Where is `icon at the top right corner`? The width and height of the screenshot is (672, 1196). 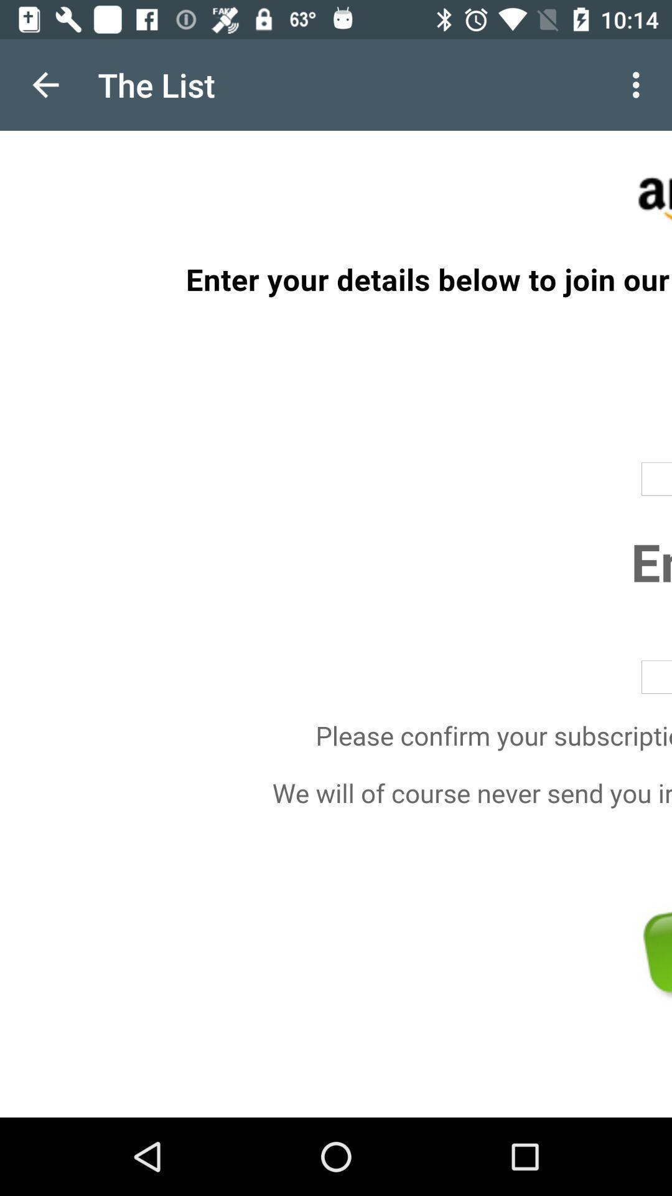
icon at the top right corner is located at coordinates (639, 84).